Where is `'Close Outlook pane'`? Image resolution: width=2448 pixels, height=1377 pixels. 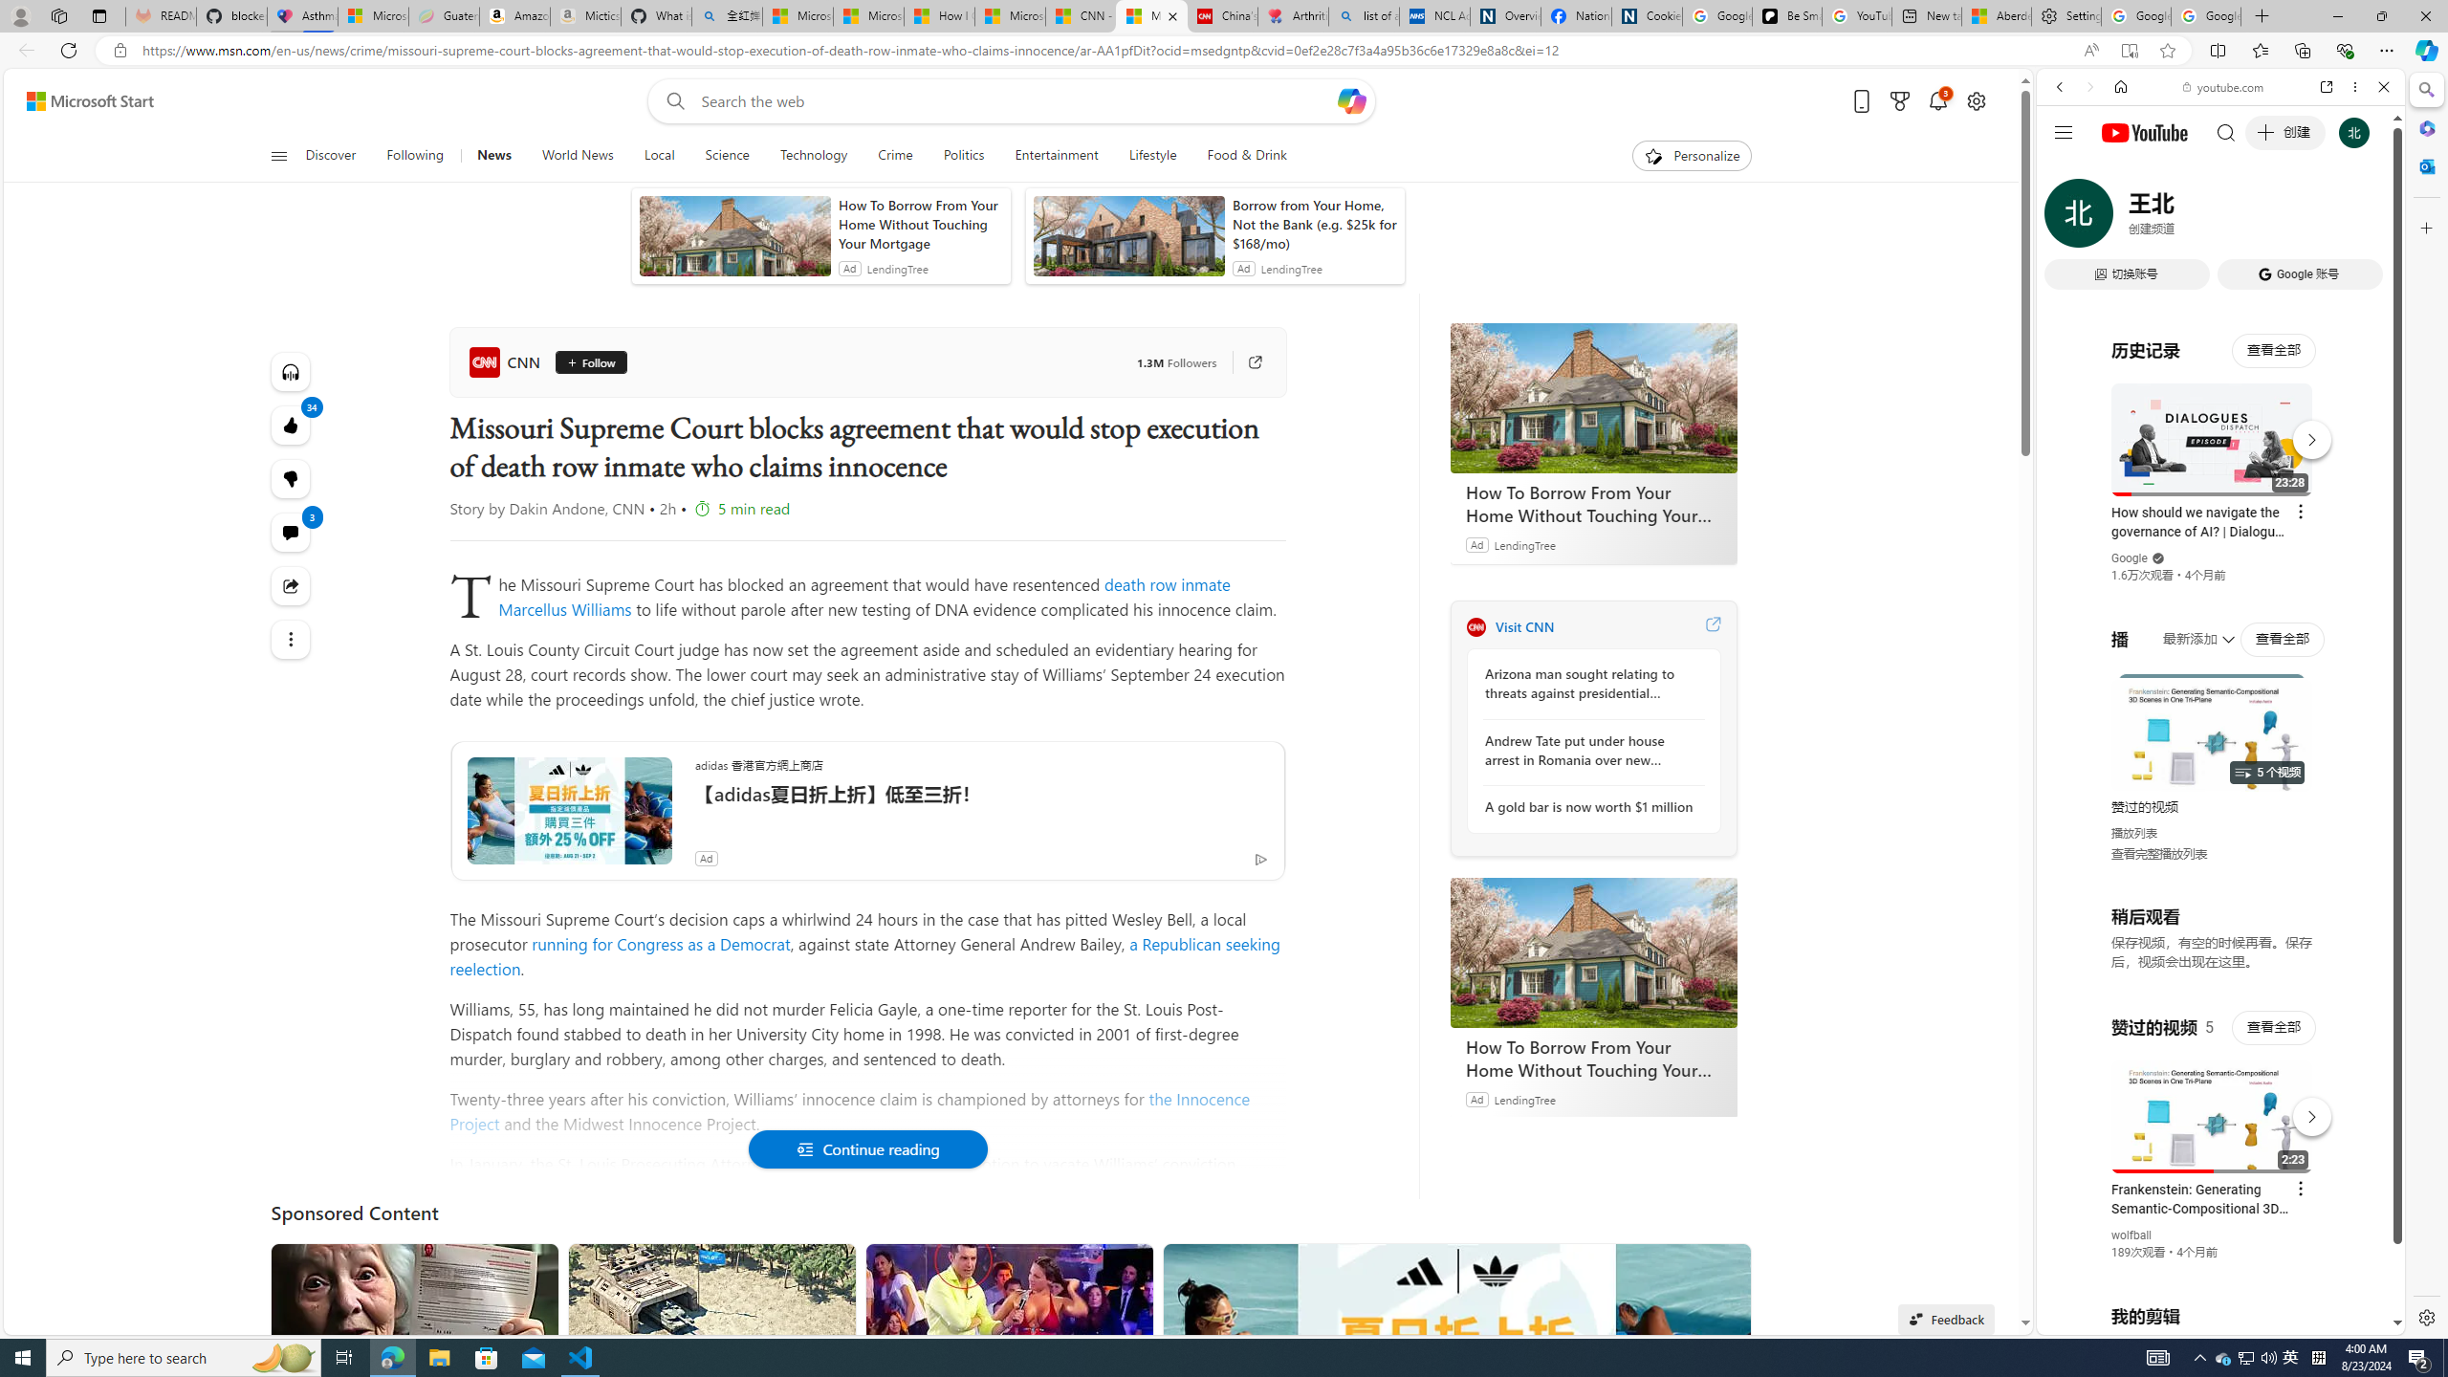
'Close Outlook pane' is located at coordinates (2424, 164).